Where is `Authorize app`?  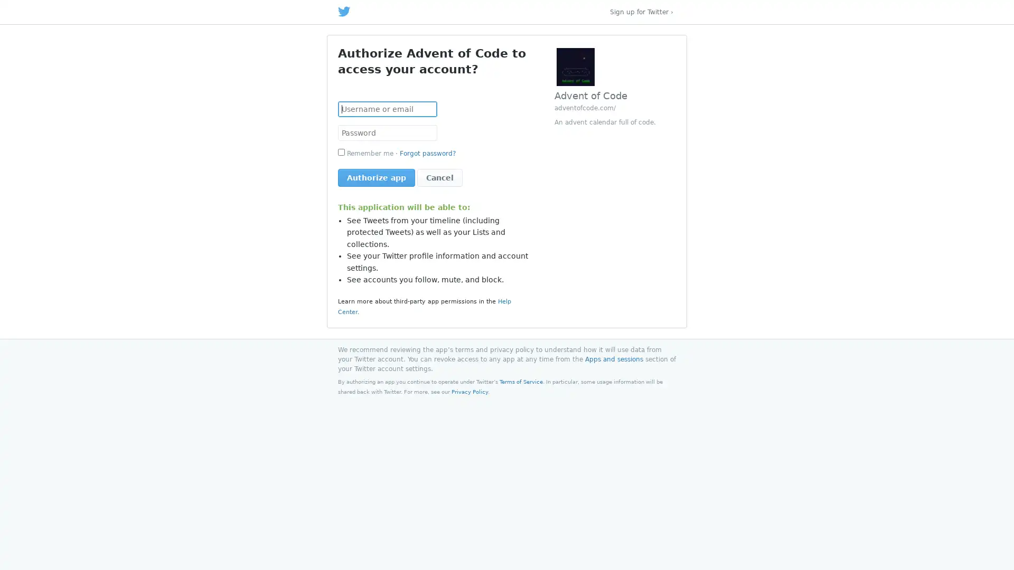
Authorize app is located at coordinates (377, 177).